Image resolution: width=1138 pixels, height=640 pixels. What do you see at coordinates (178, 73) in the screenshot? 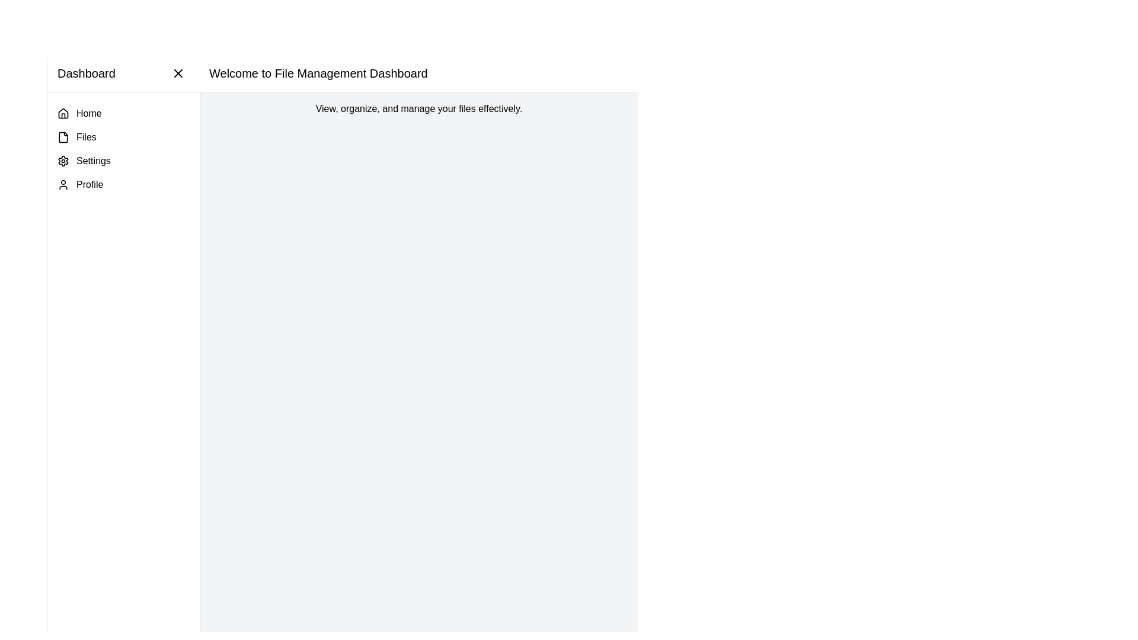
I see `the 'X' icon next to the 'Dashboard' text` at bounding box center [178, 73].